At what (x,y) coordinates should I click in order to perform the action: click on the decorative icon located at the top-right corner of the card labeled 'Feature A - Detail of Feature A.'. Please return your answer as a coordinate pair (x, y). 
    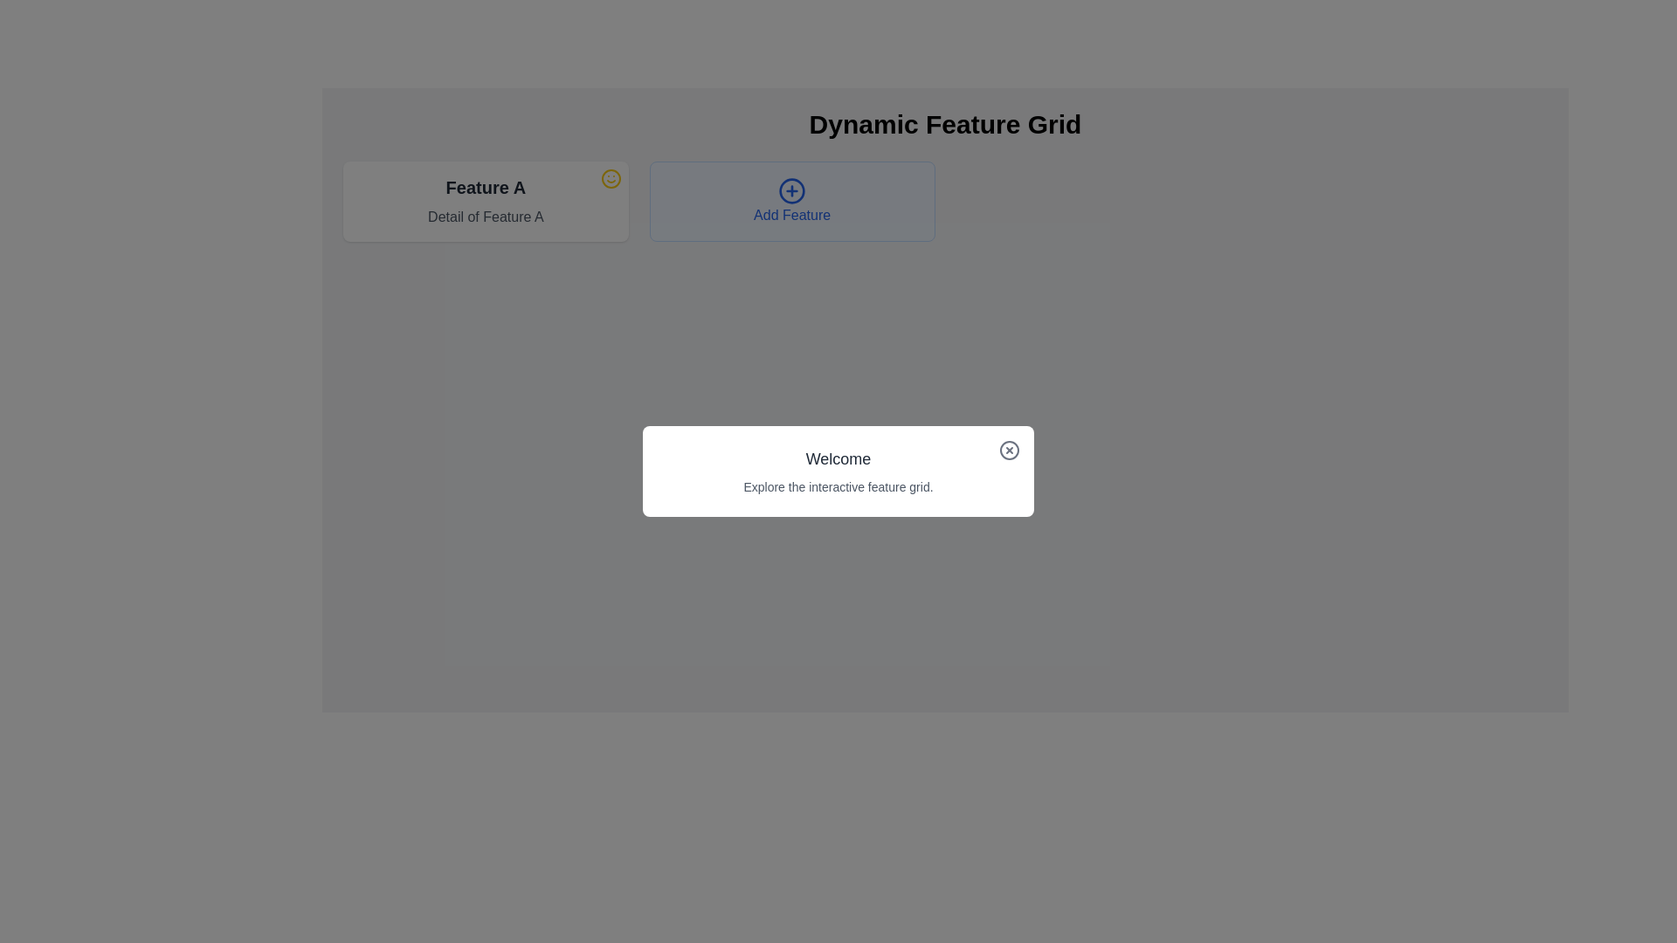
    Looking at the image, I should click on (611, 178).